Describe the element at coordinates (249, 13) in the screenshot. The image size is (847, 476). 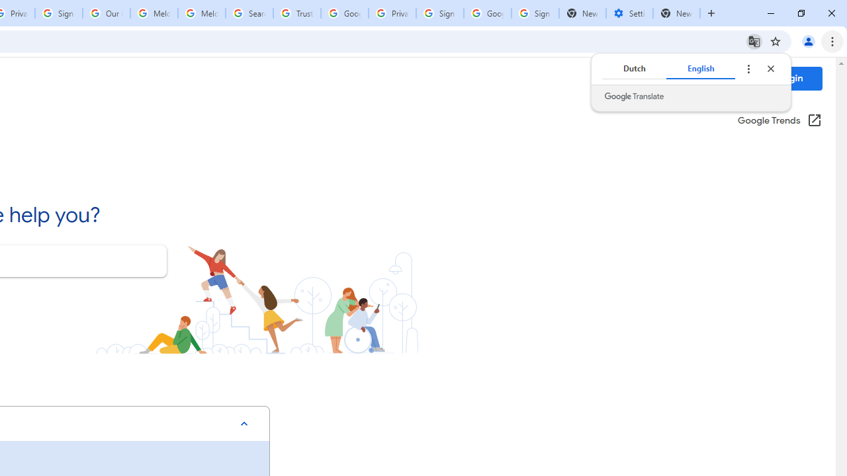
I see `'Search our Doodle Library Collection - Google Doodles'` at that location.